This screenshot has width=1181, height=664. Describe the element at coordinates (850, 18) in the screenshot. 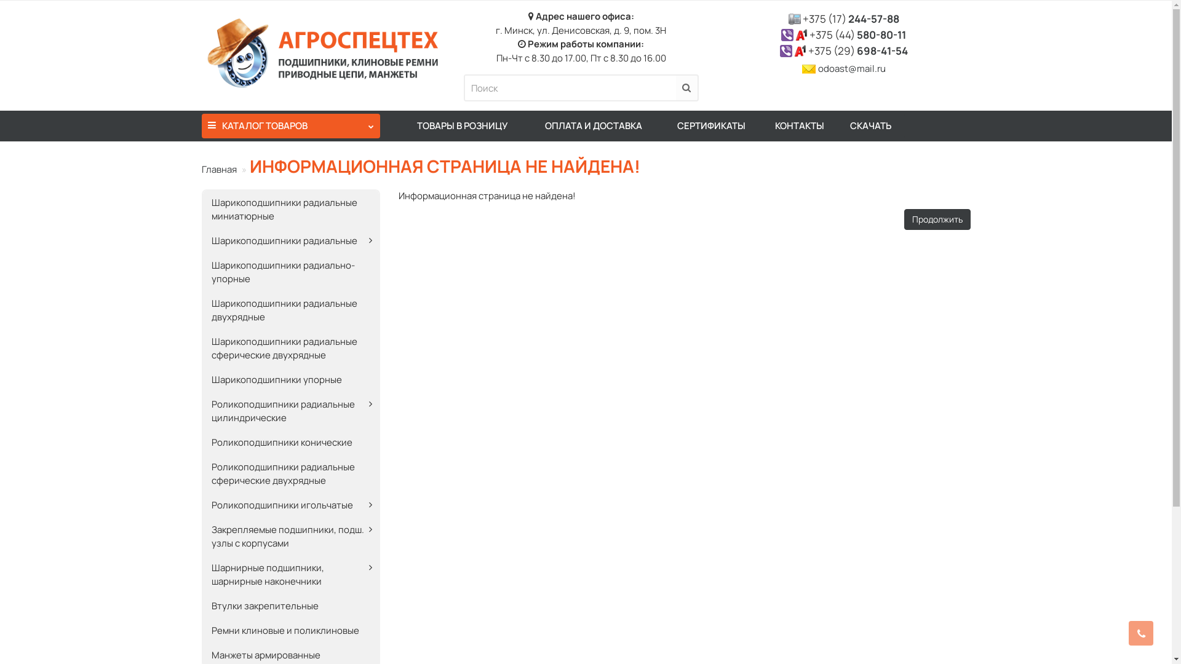

I see `'+375 (17) 244-57-88'` at that location.